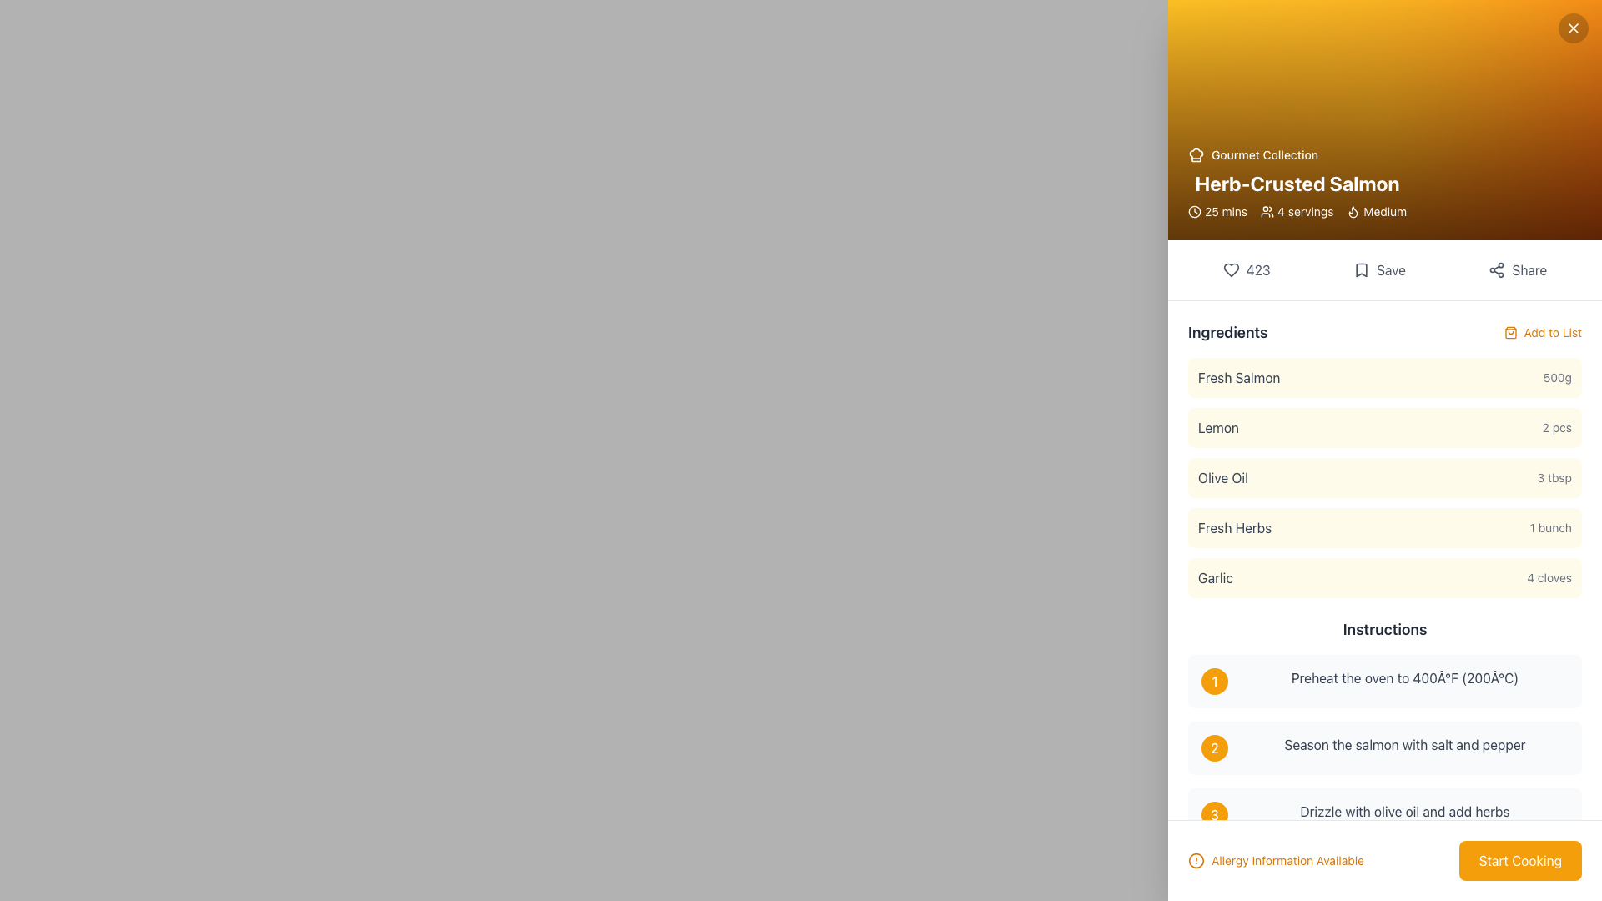  What do you see at coordinates (1239, 377) in the screenshot?
I see `static text label that identifies the first ingredient in the recipe ingredient list, located in the 'Ingredients' section on the left side of a light amber rectangular field` at bounding box center [1239, 377].